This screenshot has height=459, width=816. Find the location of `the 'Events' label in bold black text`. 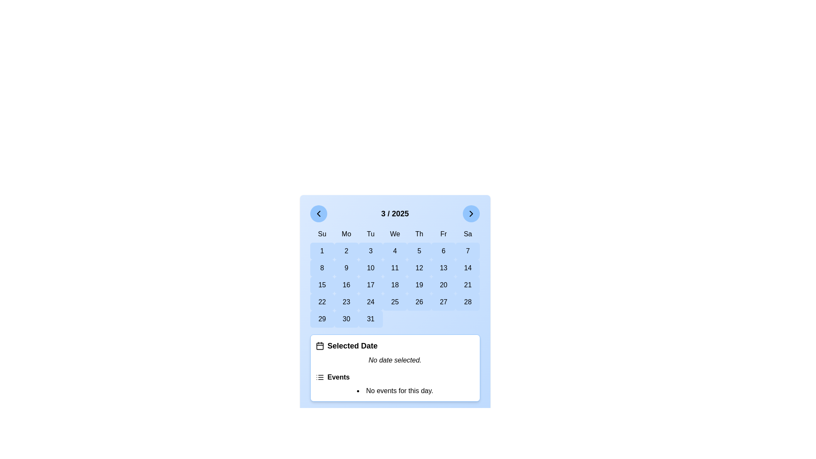

the 'Events' label in bold black text is located at coordinates (338, 377).